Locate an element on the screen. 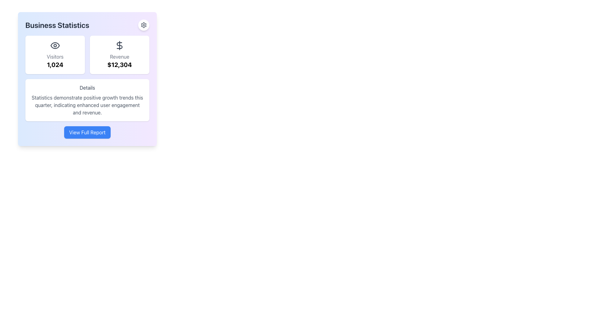  the eye-shaped icon with a filled circular pupil, located in the 'Visitors' section of the Business Statistics card is located at coordinates (55, 45).